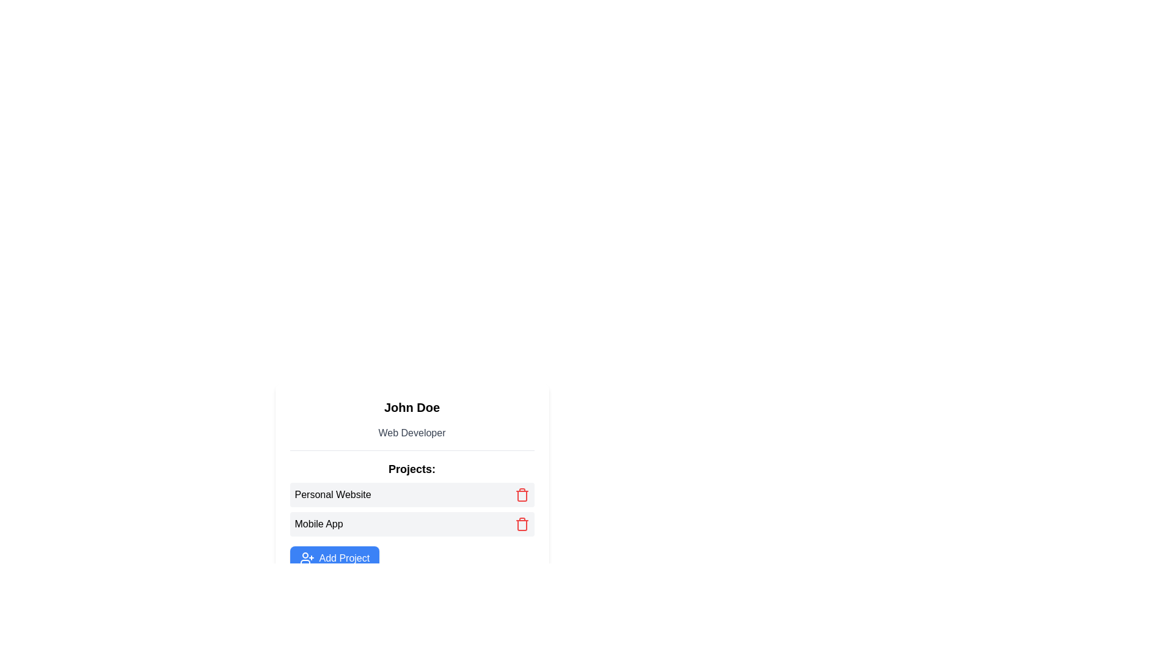  What do you see at coordinates (307, 559) in the screenshot?
I see `the icon on the left side of the 'Add Project' button to trigger a tooltip or visual feedback` at bounding box center [307, 559].